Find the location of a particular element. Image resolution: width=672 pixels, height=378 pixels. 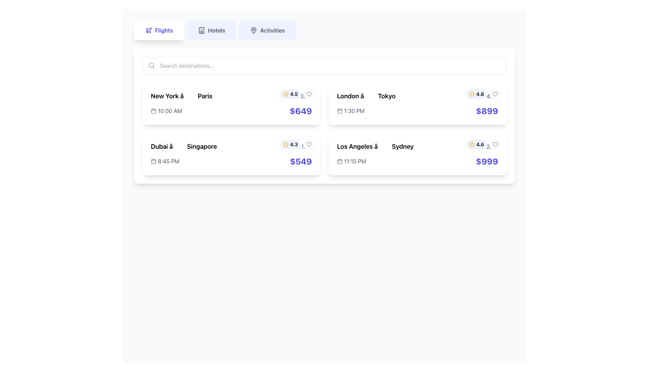

the star icon with a yellow fill, located to the left of the text '4.6' in the bottom-right card is located at coordinates (472, 144).